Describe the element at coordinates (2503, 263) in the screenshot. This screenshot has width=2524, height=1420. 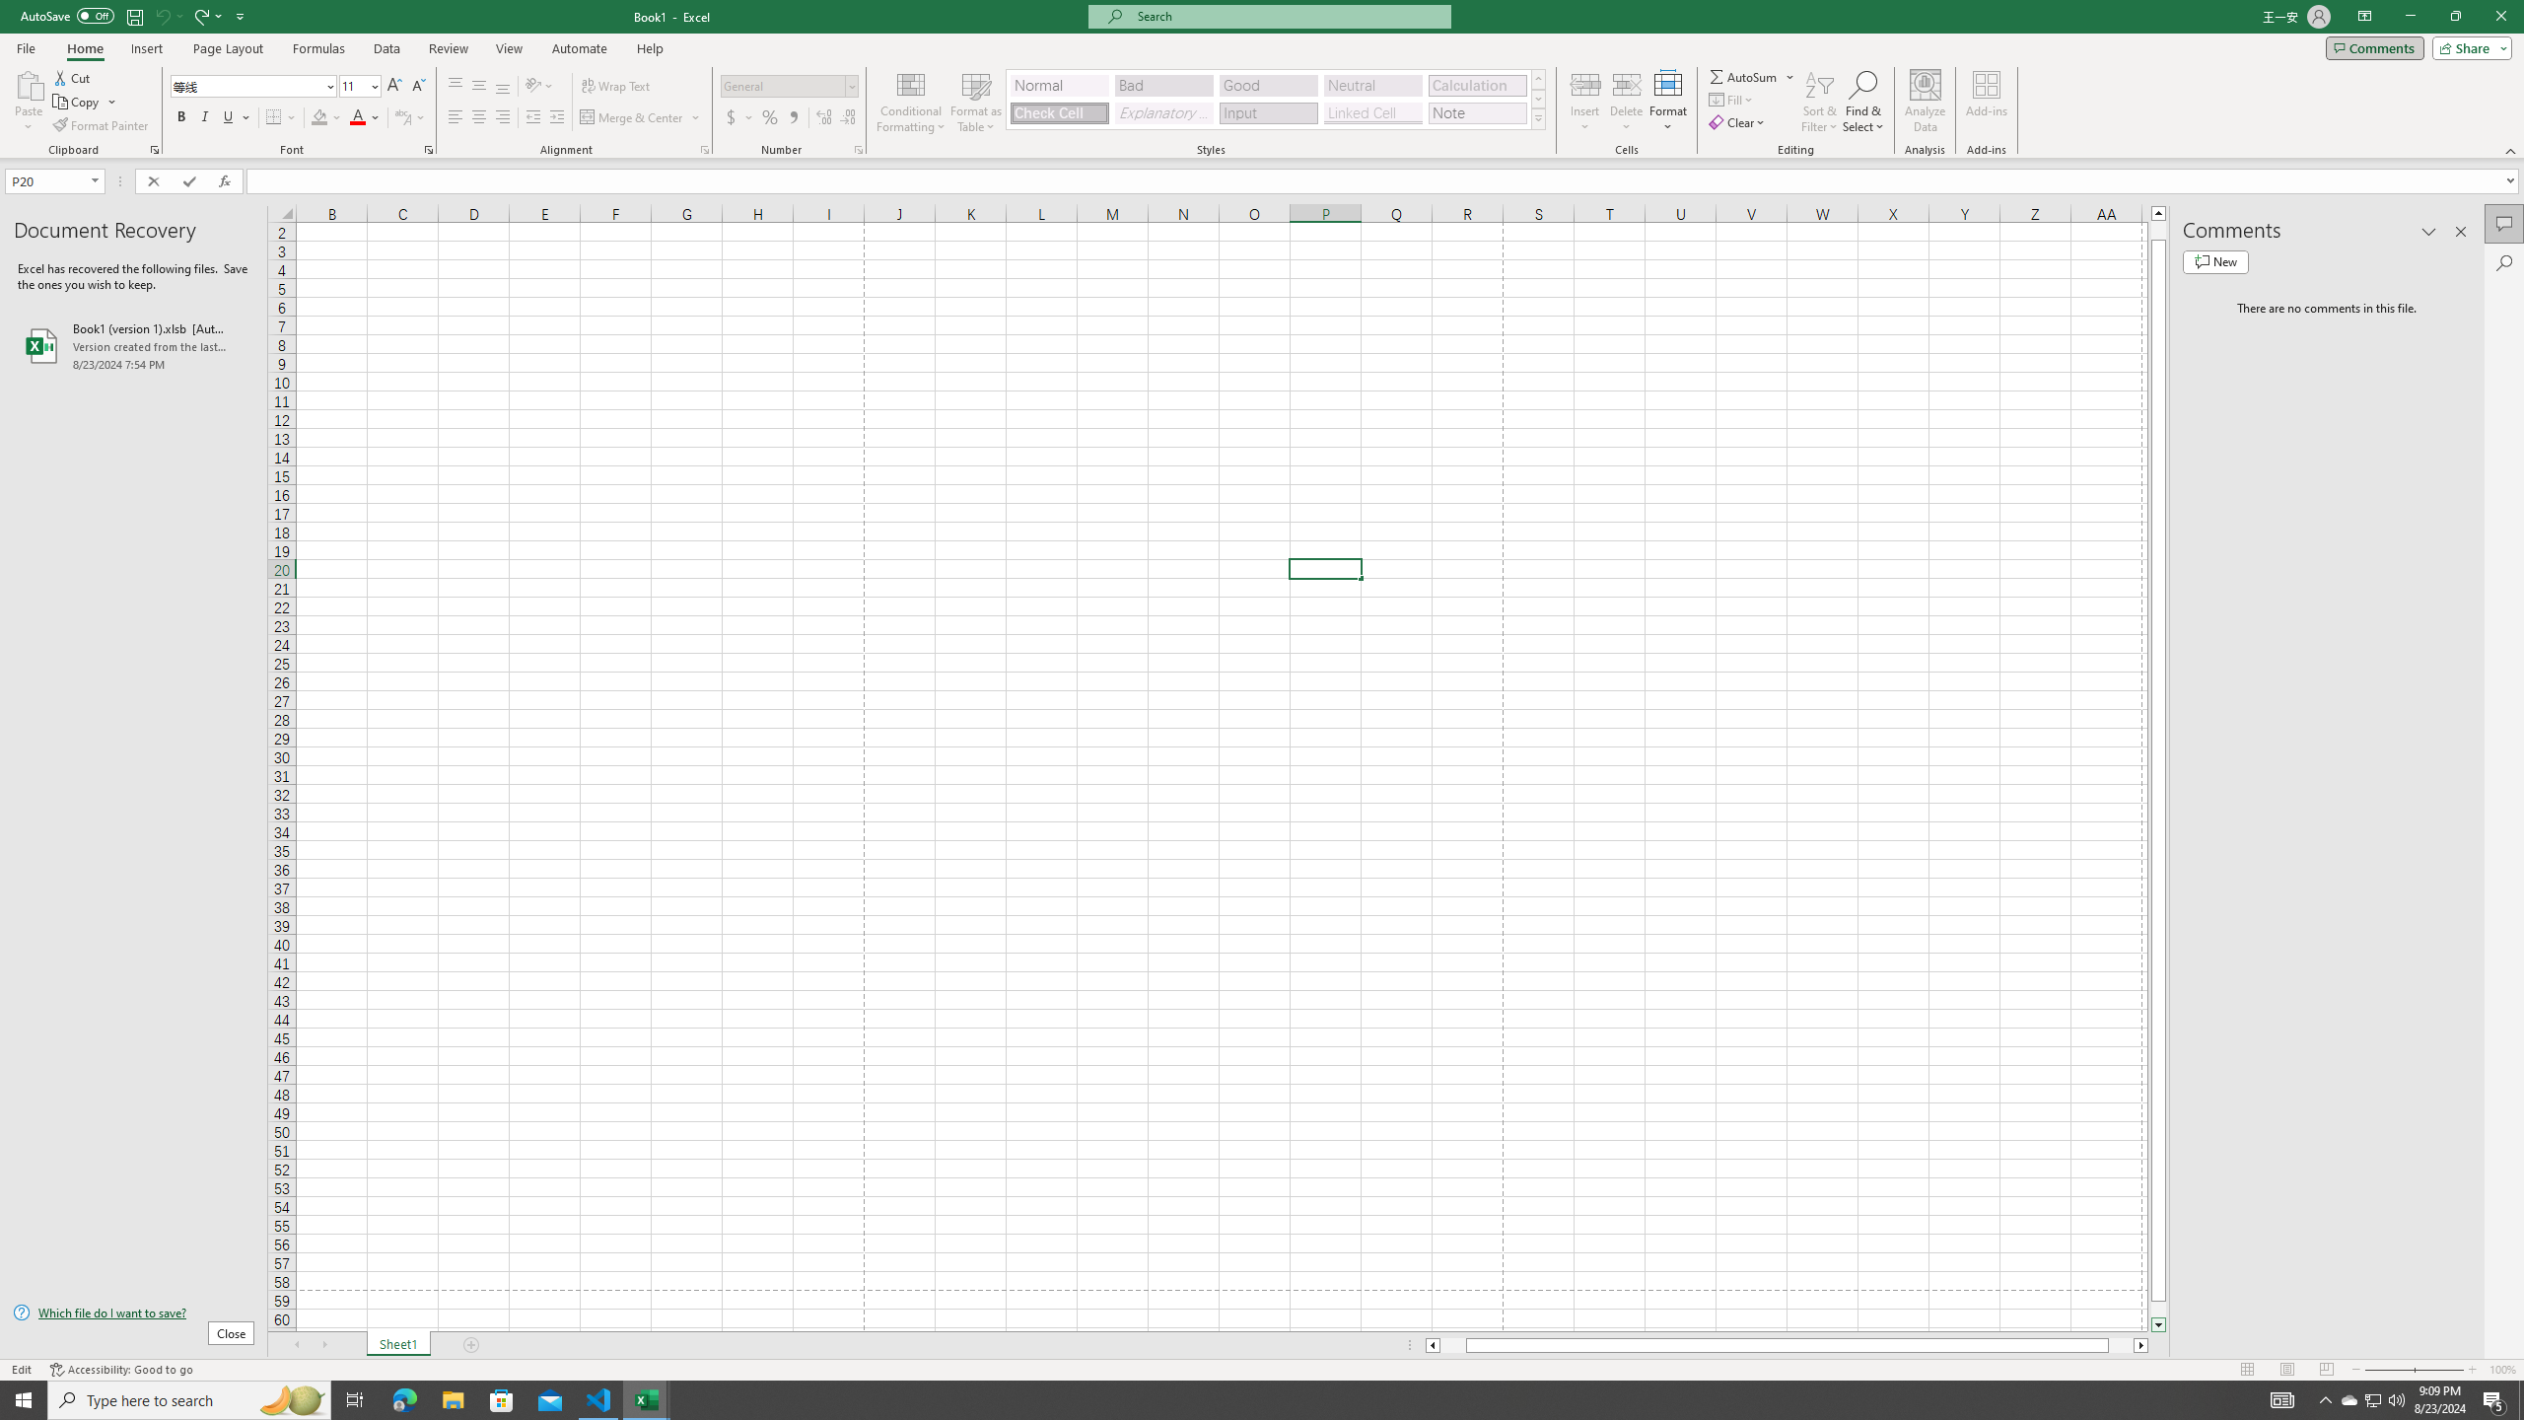
I see `'Search'` at that location.